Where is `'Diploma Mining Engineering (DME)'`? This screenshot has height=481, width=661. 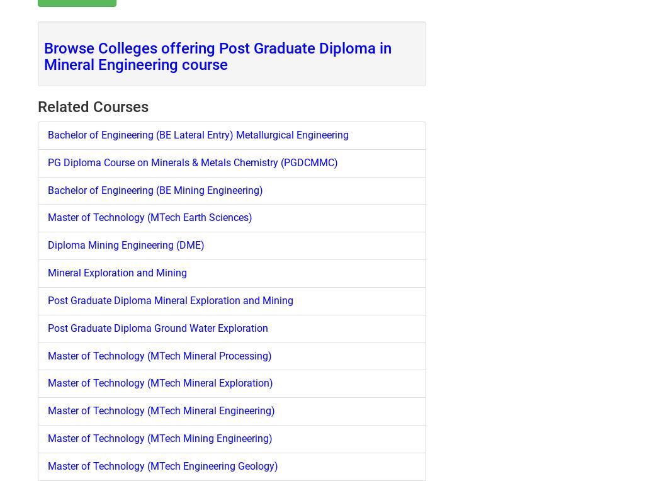 'Diploma Mining Engineering (DME)' is located at coordinates (125, 244).